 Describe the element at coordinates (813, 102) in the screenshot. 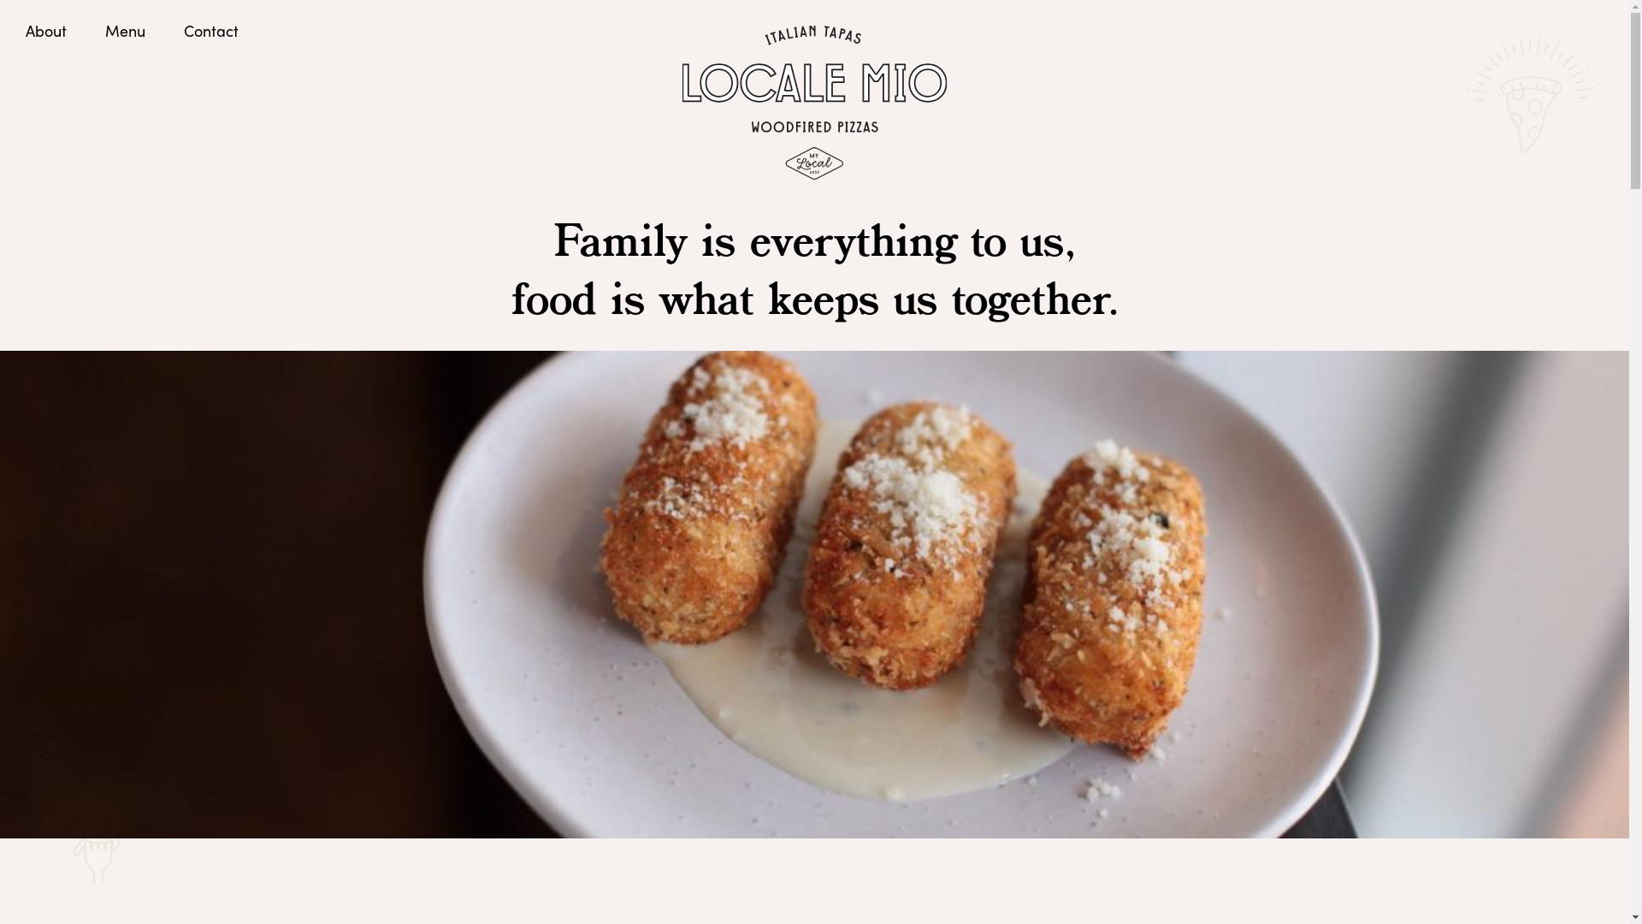

I see `'Locale Mio'` at that location.